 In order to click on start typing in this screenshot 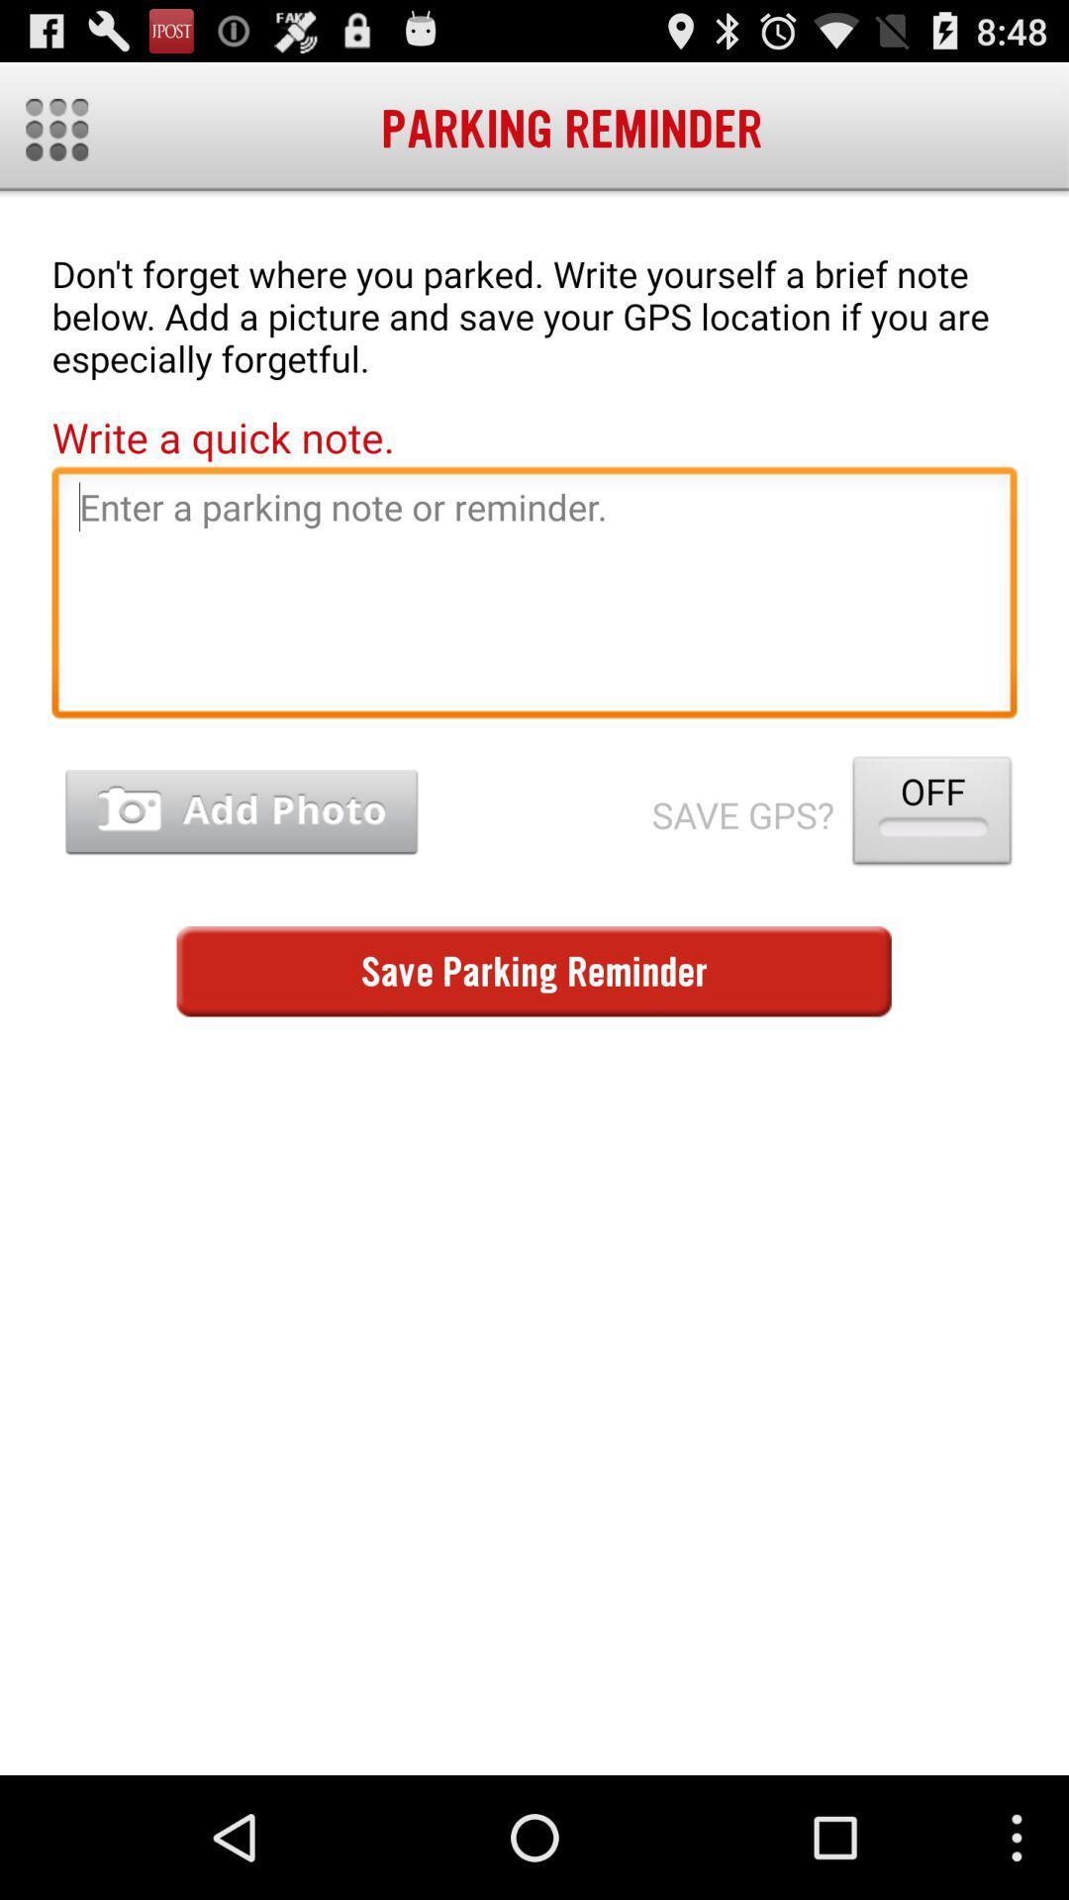, I will do `click(534, 597)`.